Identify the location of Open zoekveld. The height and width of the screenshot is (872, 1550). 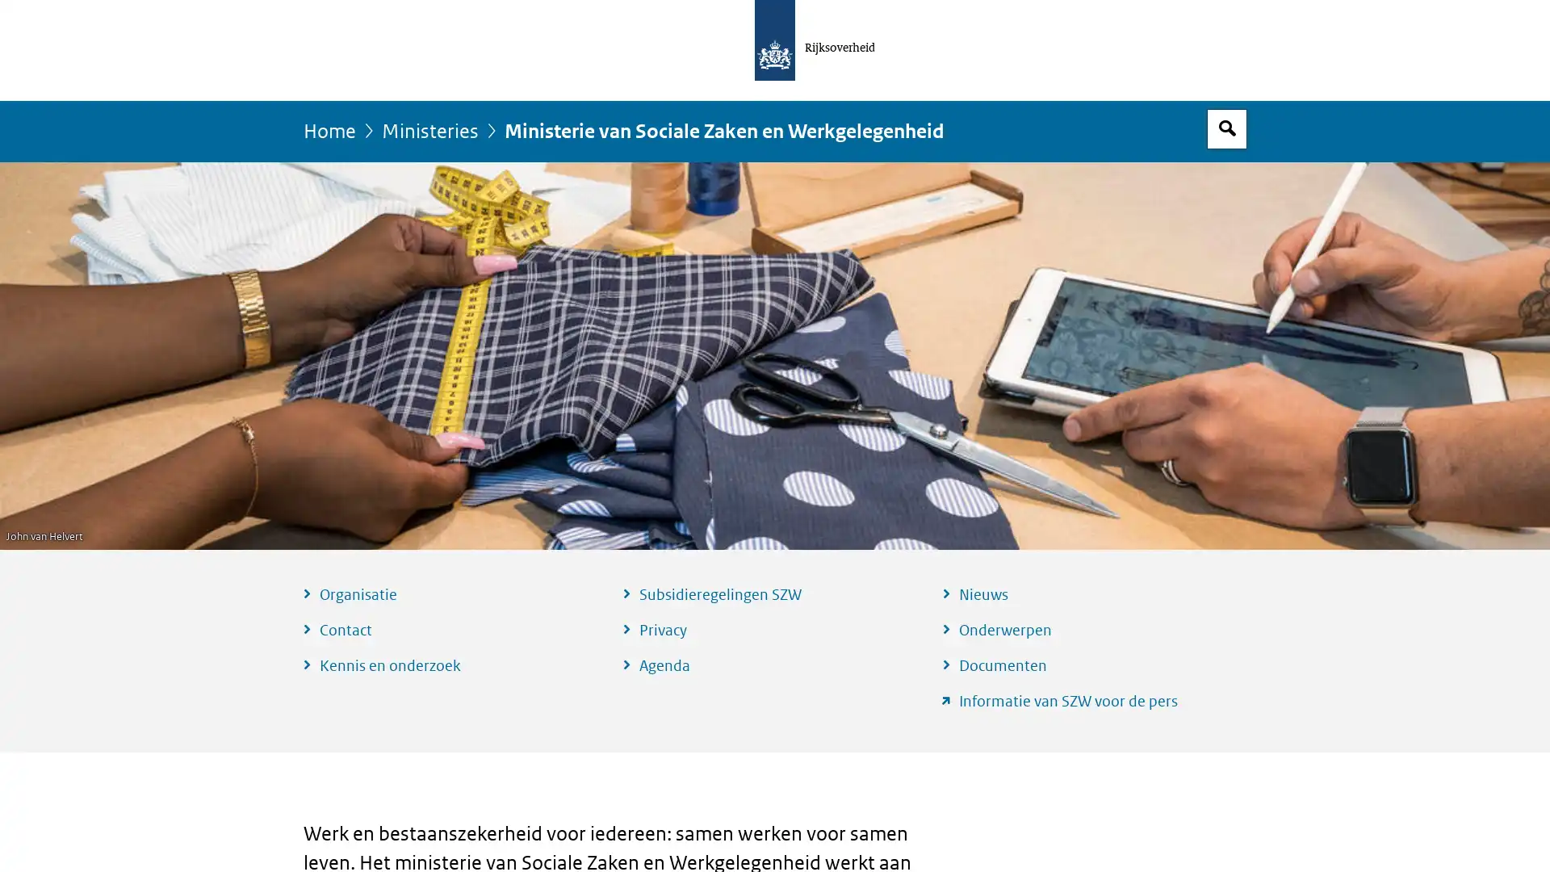
(1227, 128).